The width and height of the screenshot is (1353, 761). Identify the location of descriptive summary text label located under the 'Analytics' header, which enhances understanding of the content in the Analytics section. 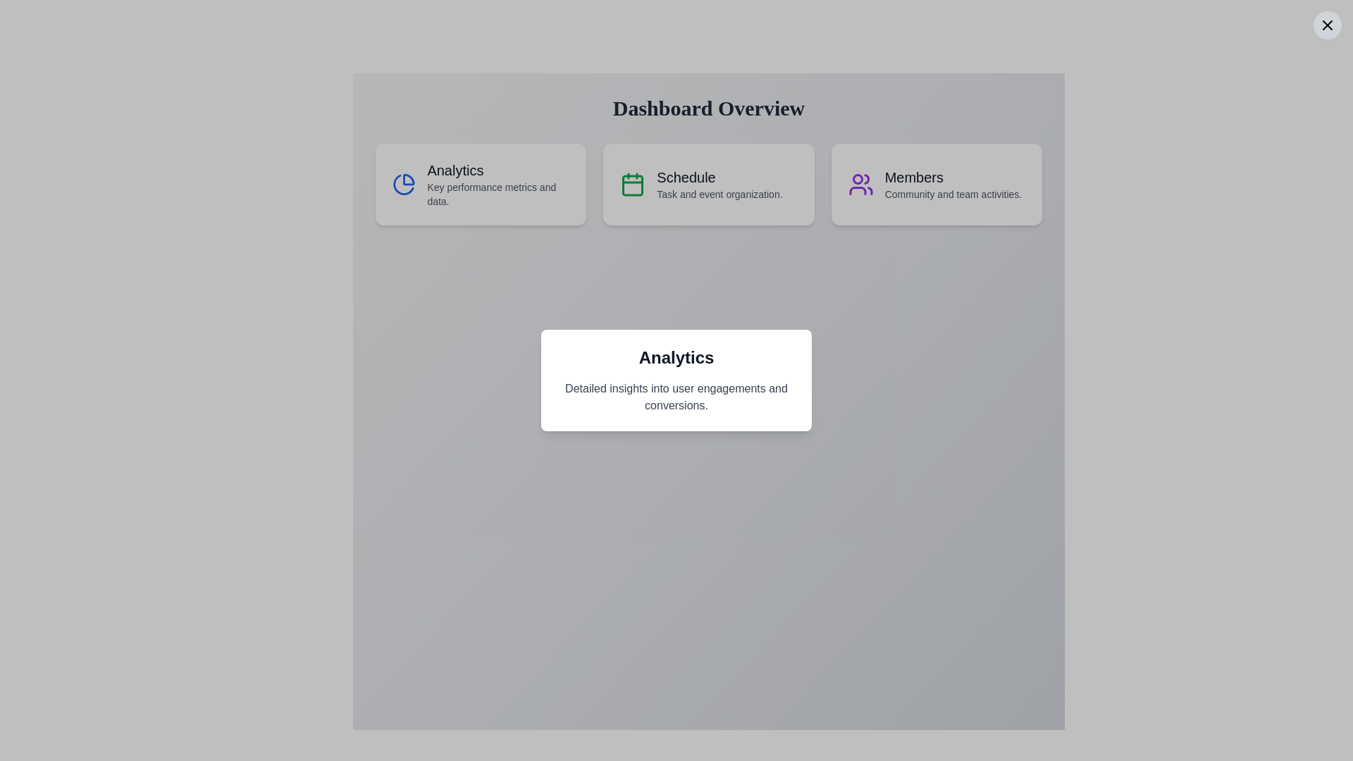
(676, 397).